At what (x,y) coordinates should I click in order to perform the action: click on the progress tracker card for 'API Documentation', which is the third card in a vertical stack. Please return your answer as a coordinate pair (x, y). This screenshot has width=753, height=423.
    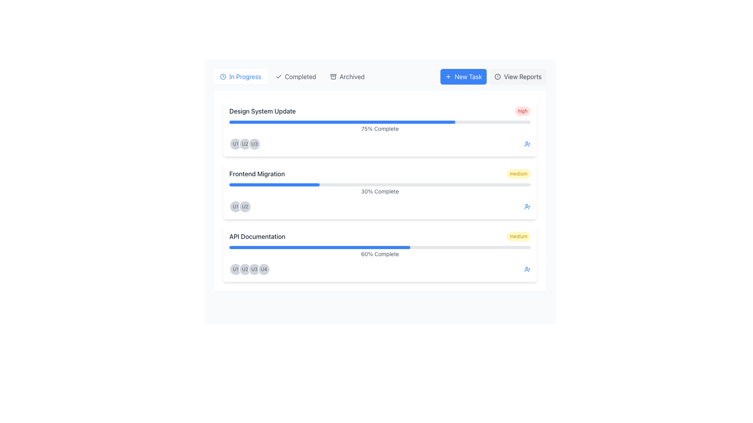
    Looking at the image, I should click on (380, 254).